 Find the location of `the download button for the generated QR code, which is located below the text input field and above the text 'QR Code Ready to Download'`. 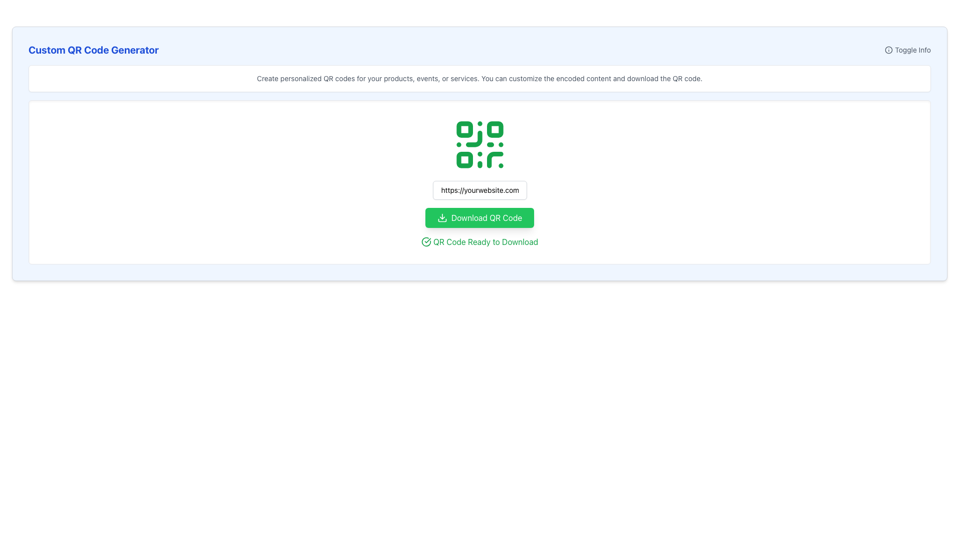

the download button for the generated QR code, which is located below the text input field and above the text 'QR Code Ready to Download' is located at coordinates (479, 217).